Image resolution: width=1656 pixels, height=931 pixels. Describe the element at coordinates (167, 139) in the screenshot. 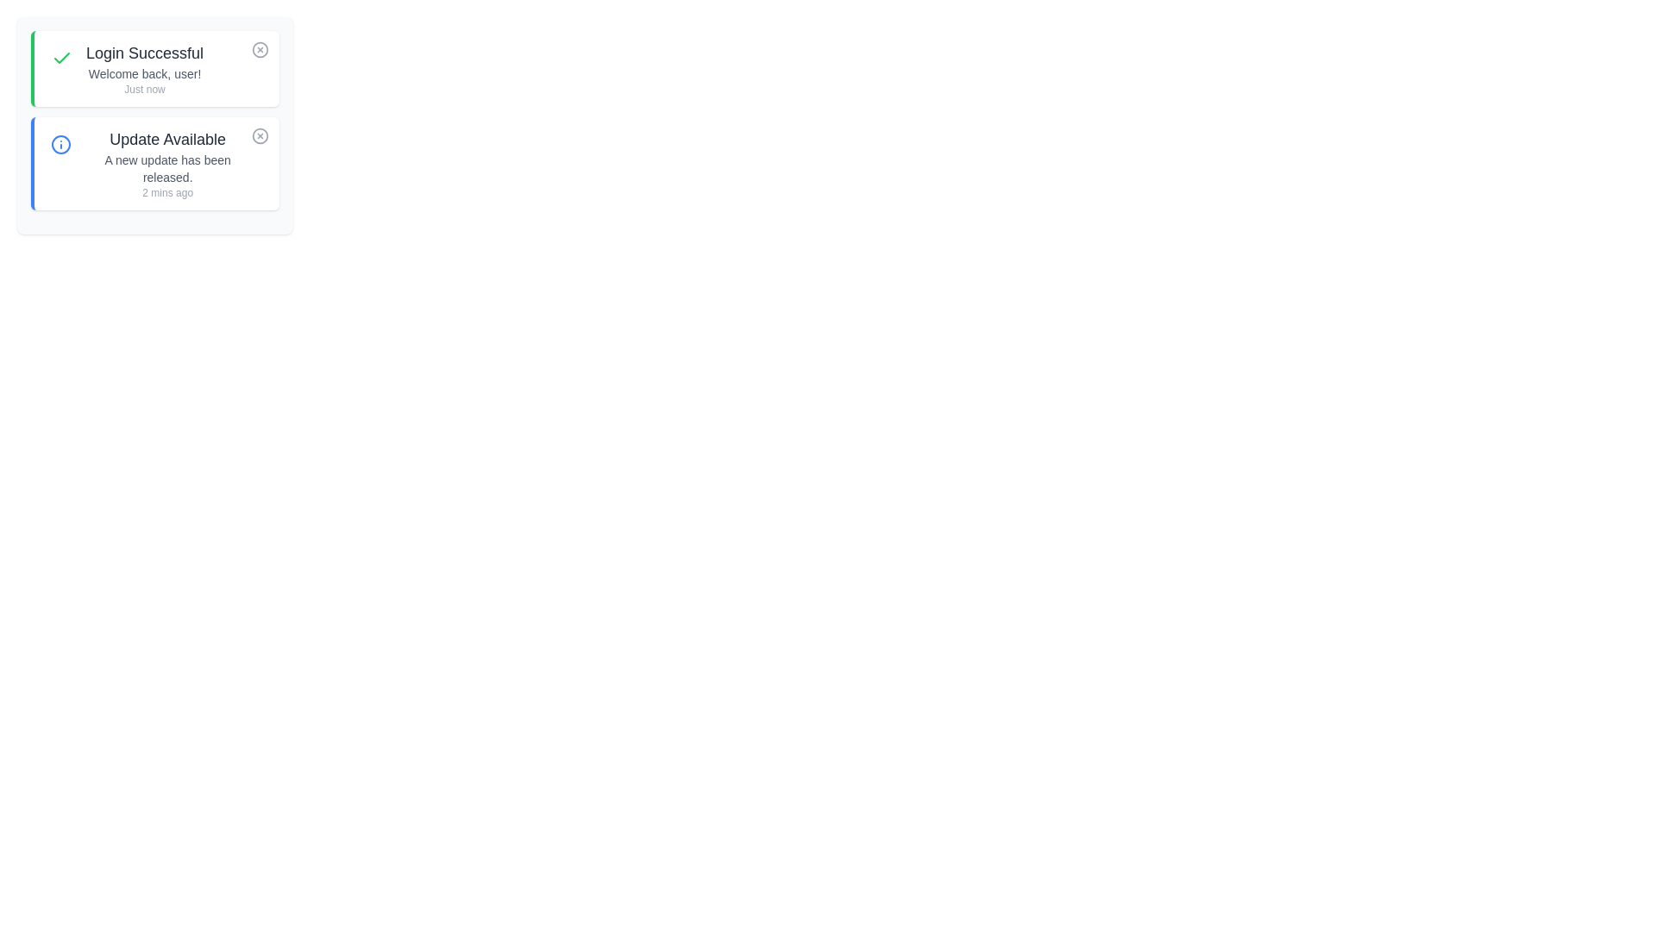

I see `the 'Update Available' text label, which is a larger, bold font indicating an important notification at the top of the card` at that location.